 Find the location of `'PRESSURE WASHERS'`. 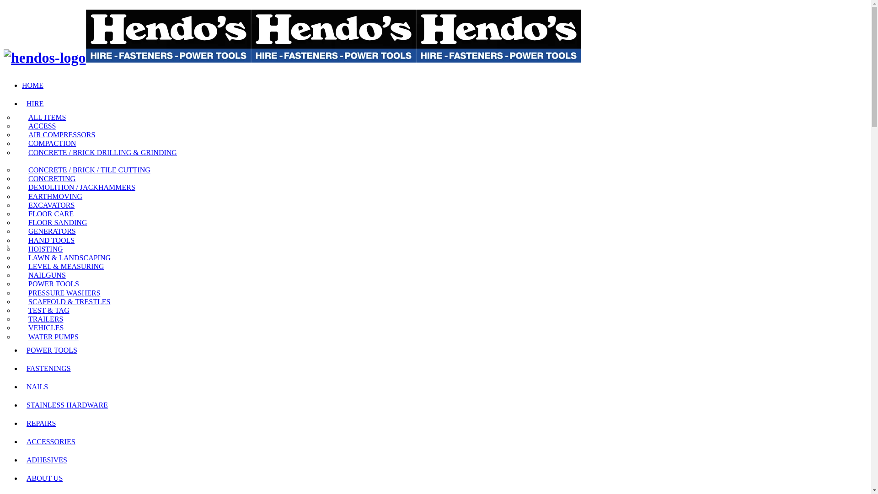

'PRESSURE WASHERS' is located at coordinates (61, 293).